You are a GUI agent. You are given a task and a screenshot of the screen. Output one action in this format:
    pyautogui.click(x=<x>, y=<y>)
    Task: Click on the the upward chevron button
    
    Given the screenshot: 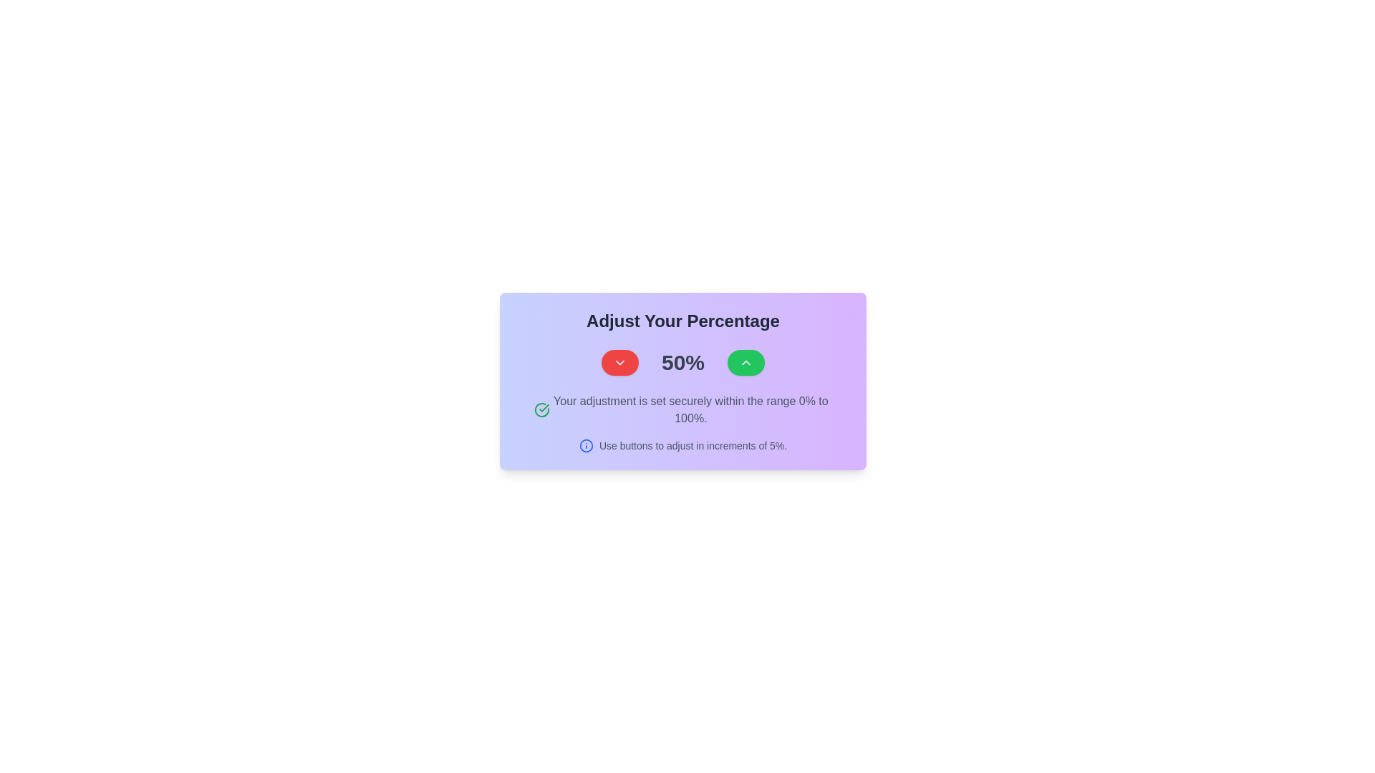 What is the action you would take?
    pyautogui.click(x=745, y=361)
    